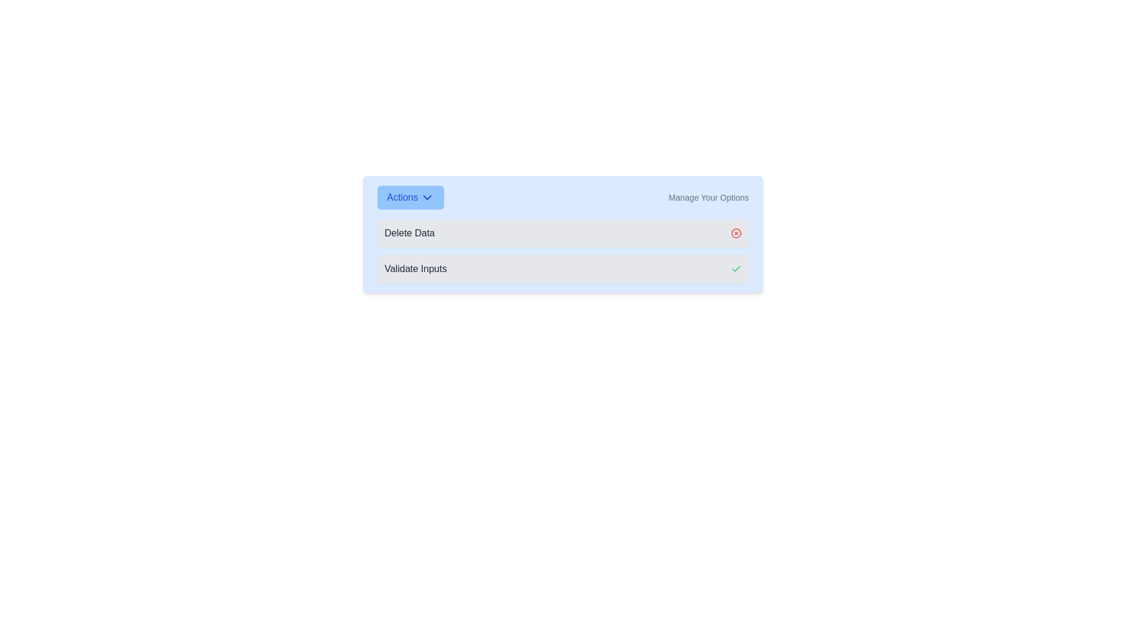 The width and height of the screenshot is (1143, 643). I want to click on the close or delete button-like icon located to the right of the 'Delete Data' option in the interface menu, so click(736, 233).